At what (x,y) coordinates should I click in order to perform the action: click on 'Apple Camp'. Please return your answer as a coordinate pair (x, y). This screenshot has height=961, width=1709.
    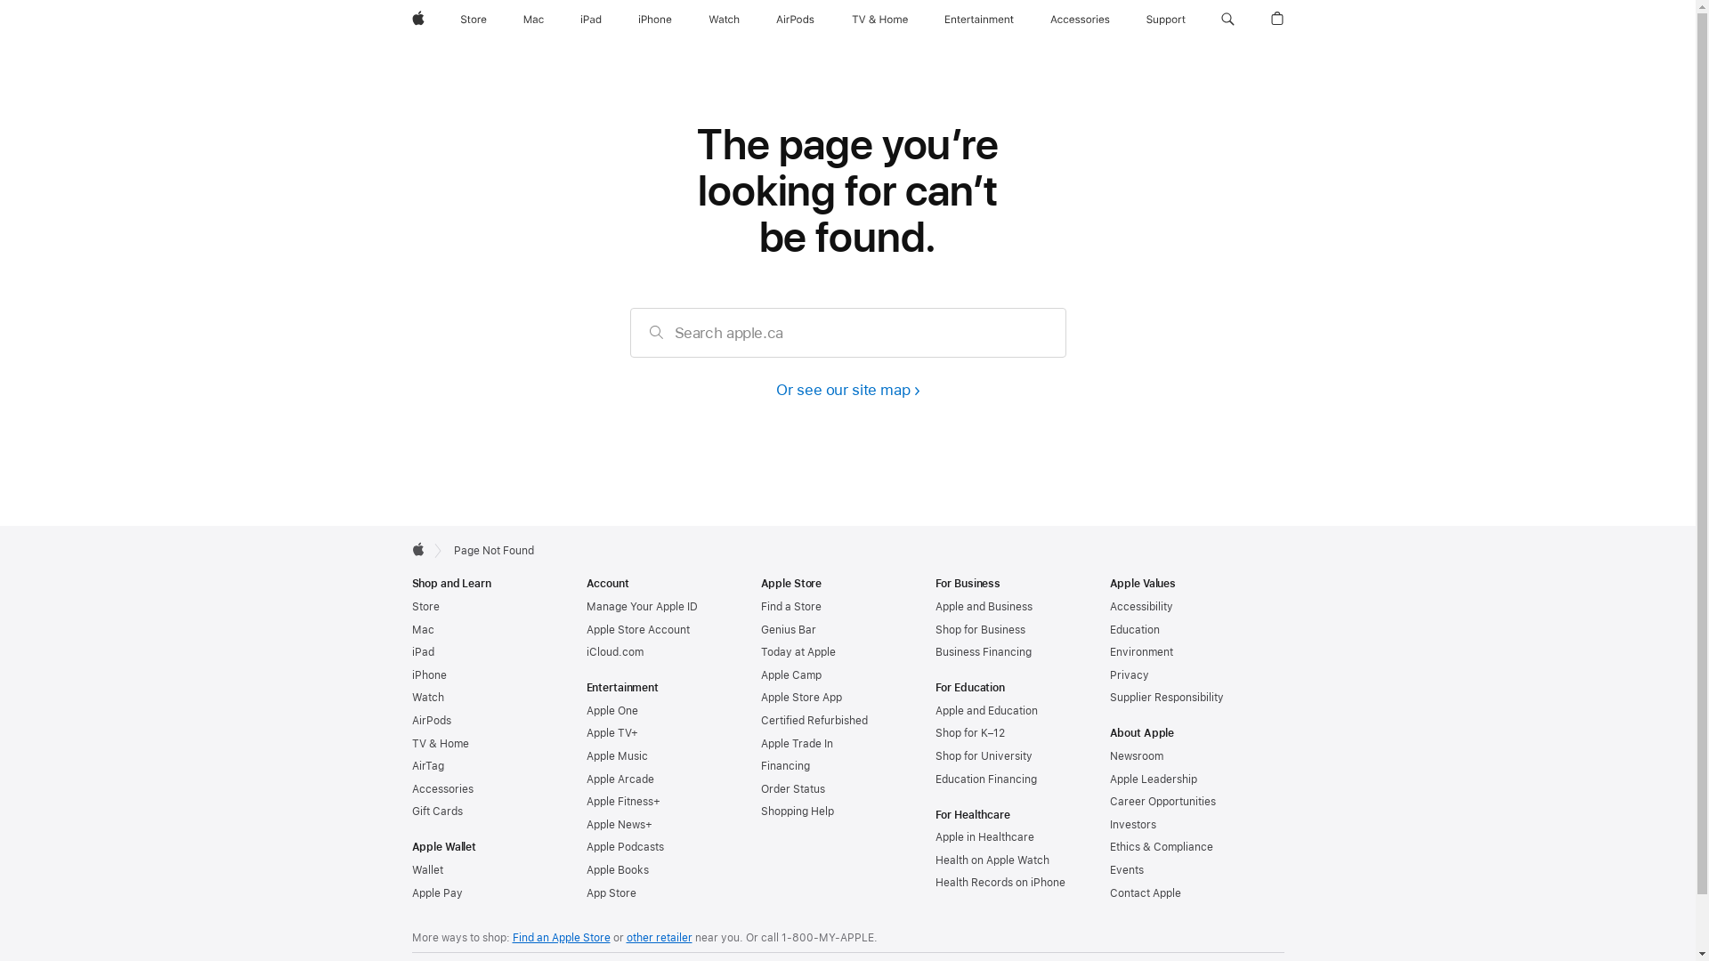
    Looking at the image, I should click on (790, 675).